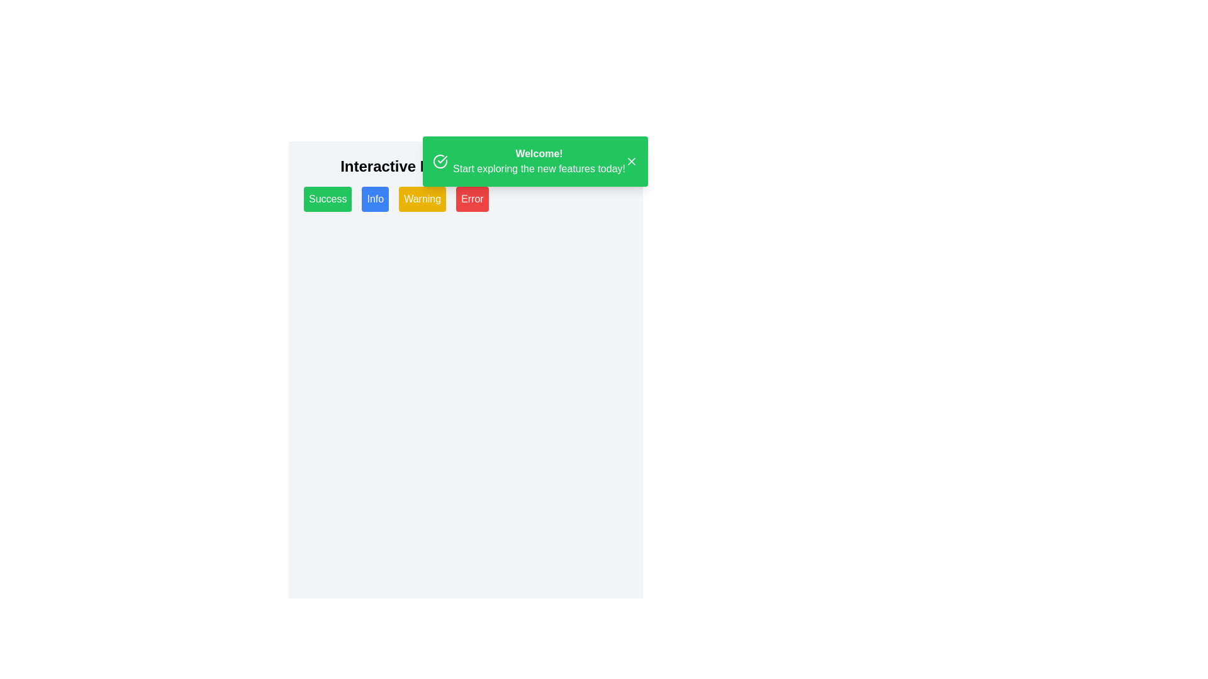 The width and height of the screenshot is (1208, 679). I want to click on the confirmation icon located in the top-right corner of the green notification bar labeled 'Welcome! Start exploring the new features today!', so click(442, 159).